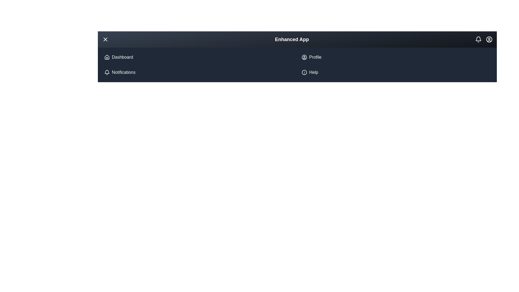 Image resolution: width=519 pixels, height=292 pixels. I want to click on the notification icon in the top right corner, so click(478, 39).